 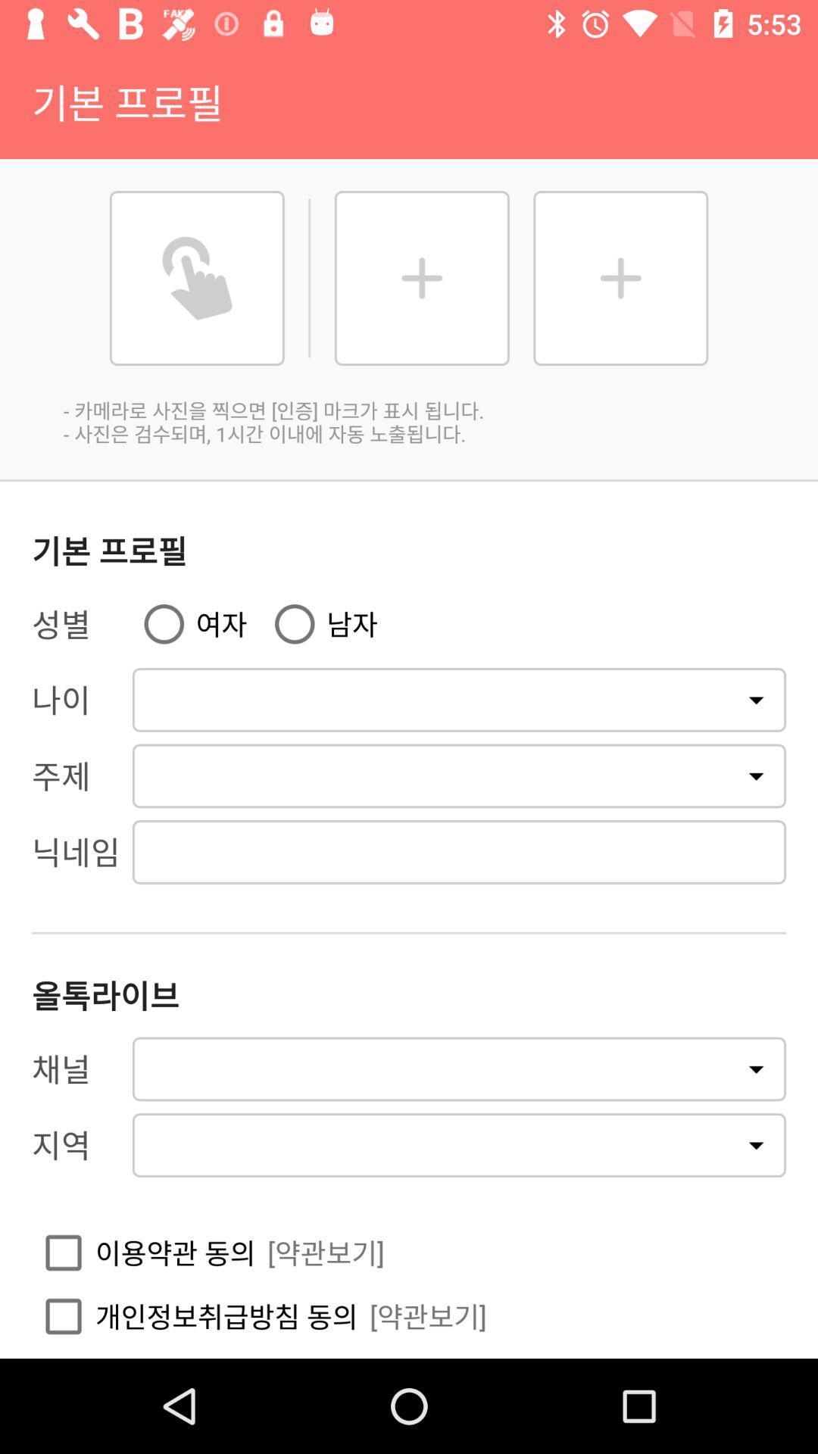 What do you see at coordinates (458, 776) in the screenshot?
I see `second drop down from the top` at bounding box center [458, 776].